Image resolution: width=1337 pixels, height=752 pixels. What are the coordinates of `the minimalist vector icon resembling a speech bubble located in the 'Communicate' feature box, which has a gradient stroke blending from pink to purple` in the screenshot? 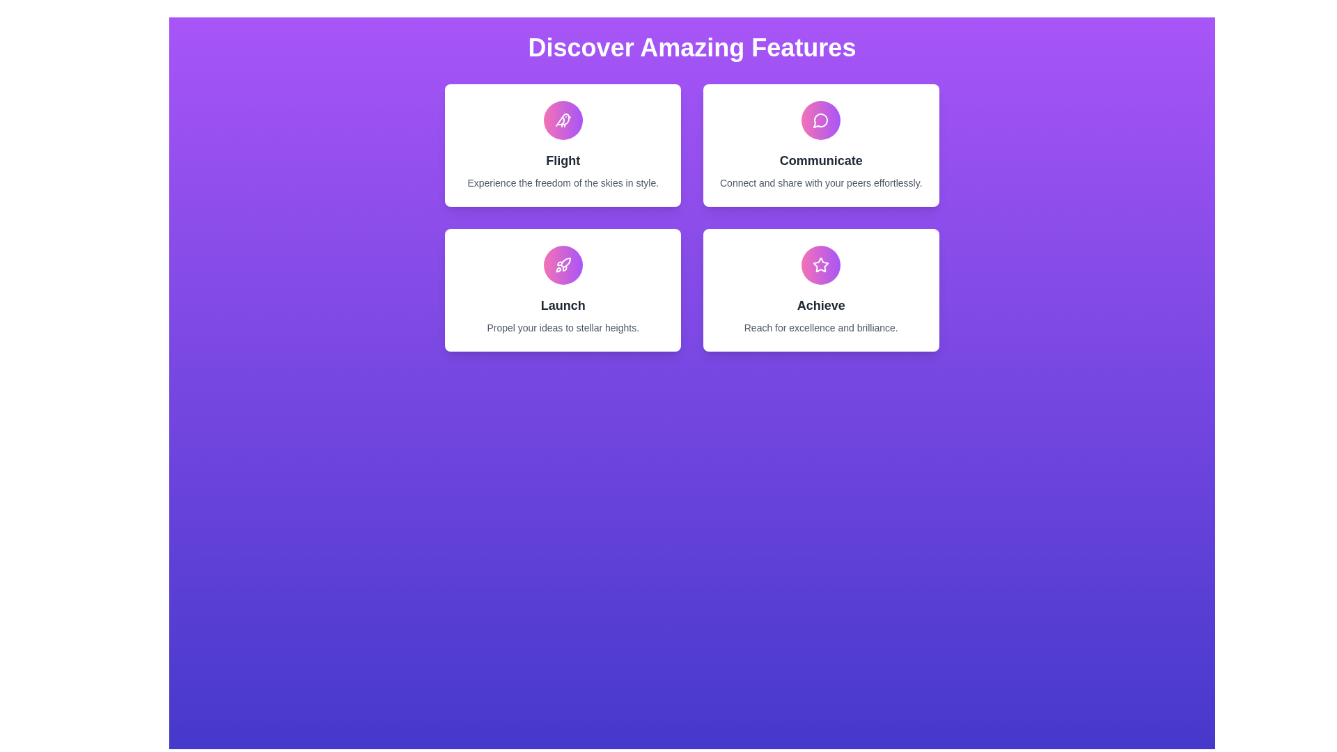 It's located at (821, 120).